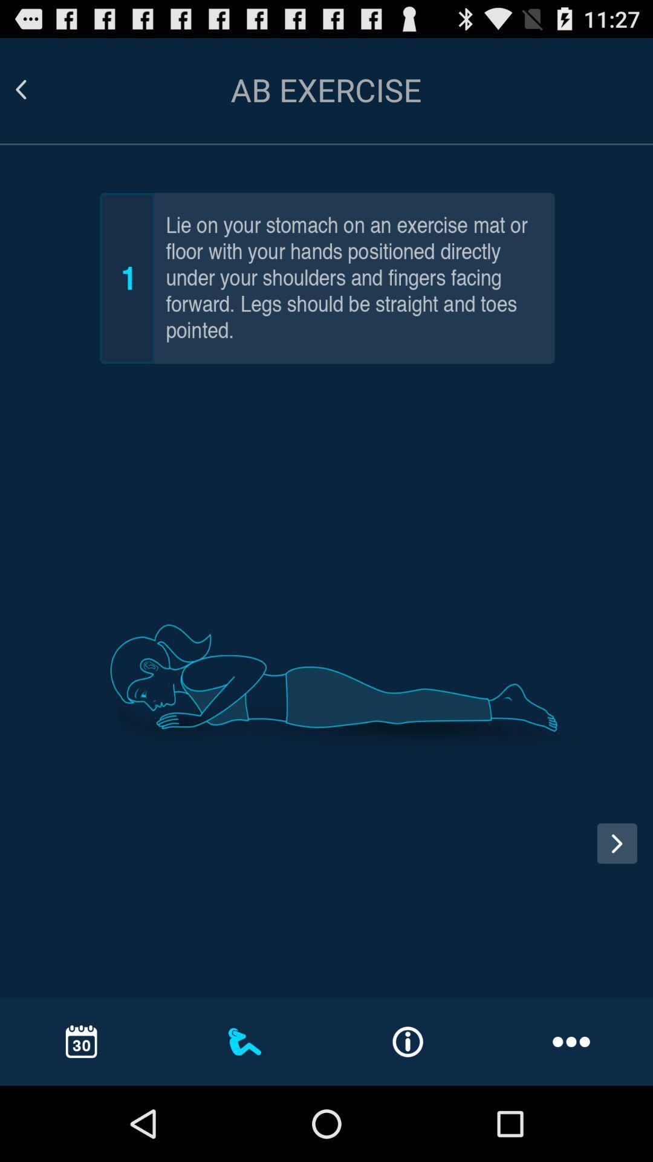  What do you see at coordinates (617, 902) in the screenshot?
I see `the arrow_forward icon` at bounding box center [617, 902].